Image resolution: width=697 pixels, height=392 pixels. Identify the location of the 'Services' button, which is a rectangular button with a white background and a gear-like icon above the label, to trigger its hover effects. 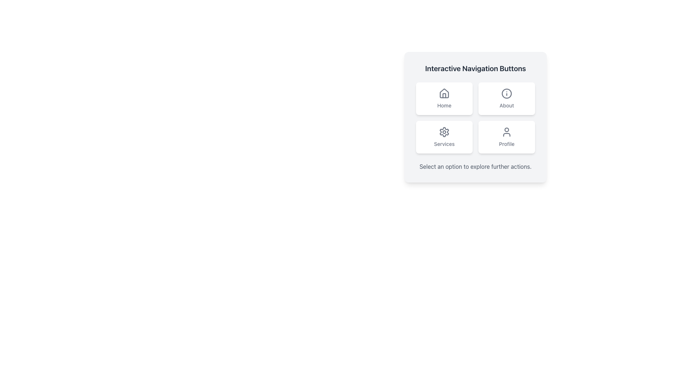
(444, 137).